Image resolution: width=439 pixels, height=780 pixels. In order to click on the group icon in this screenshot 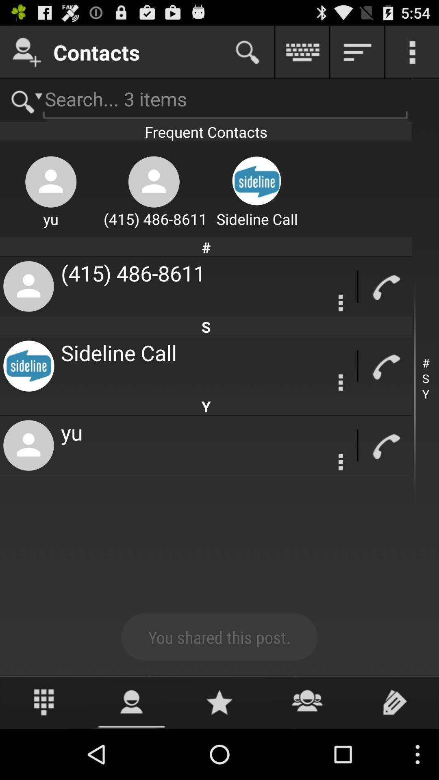, I will do `click(307, 751)`.